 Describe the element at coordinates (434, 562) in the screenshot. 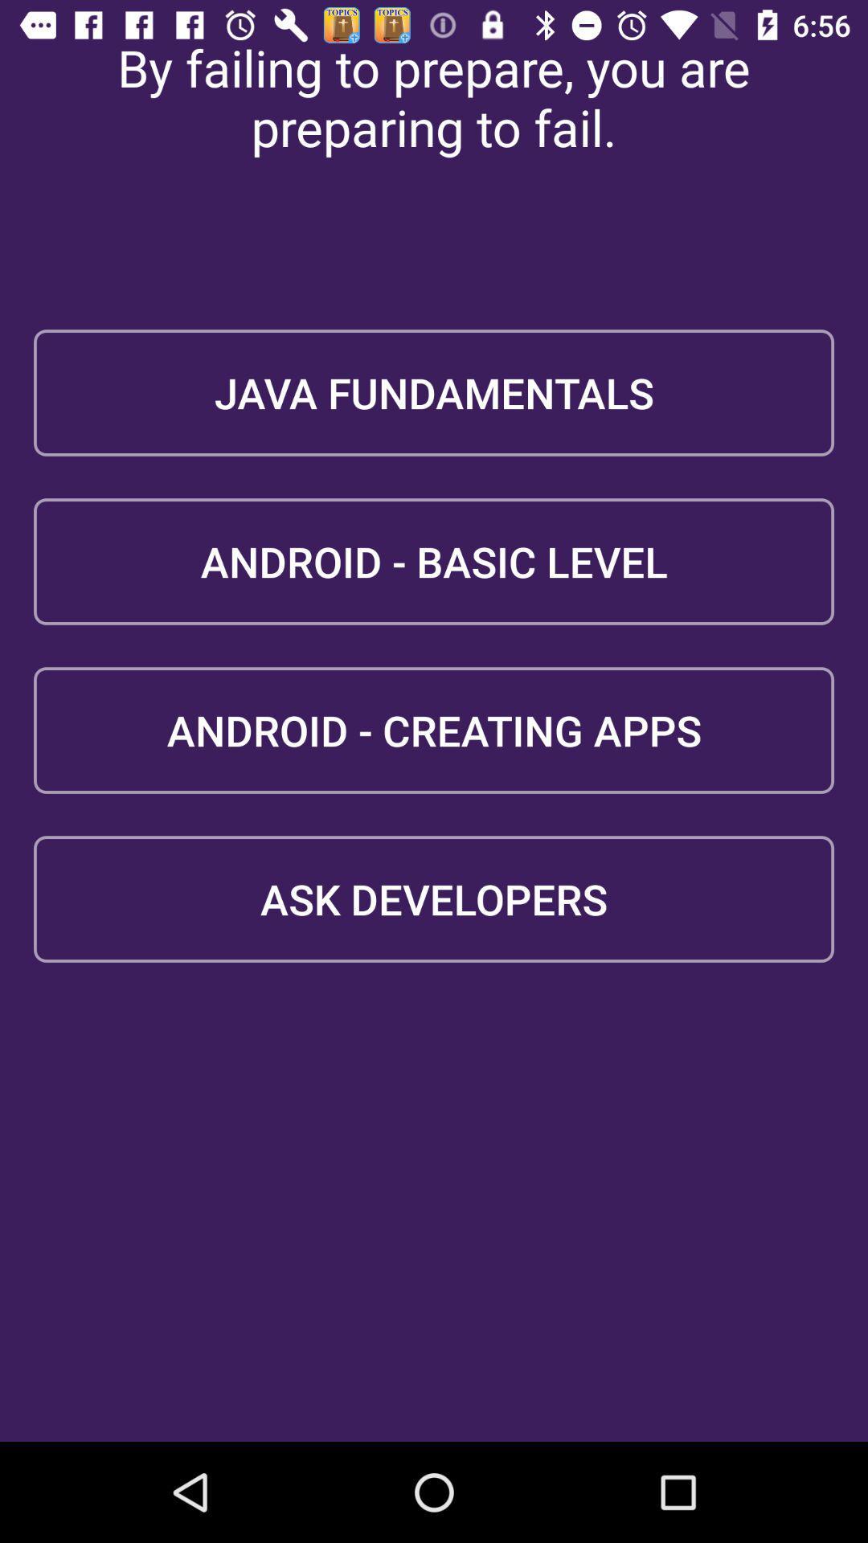

I see `item below the java fundamentals item` at that location.